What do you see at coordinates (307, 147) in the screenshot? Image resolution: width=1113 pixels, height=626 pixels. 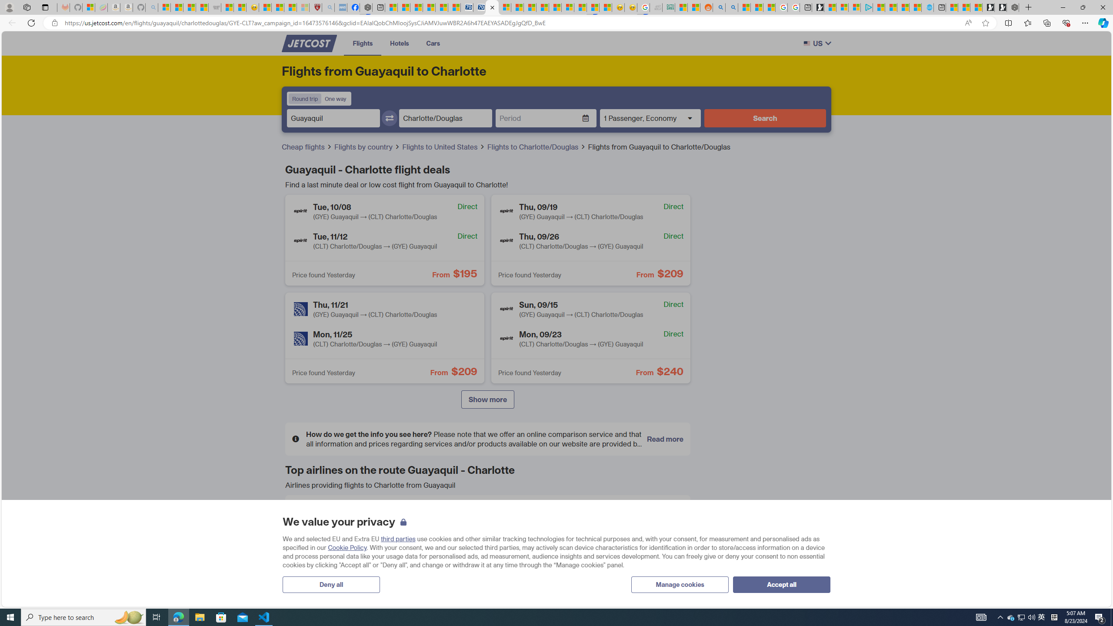 I see `'Cheap flights'` at bounding box center [307, 147].